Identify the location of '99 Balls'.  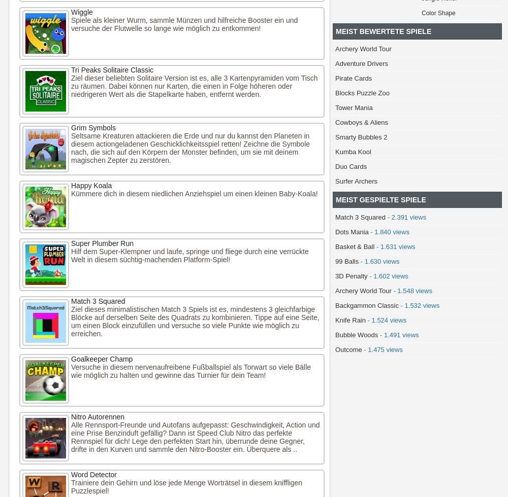
(347, 261).